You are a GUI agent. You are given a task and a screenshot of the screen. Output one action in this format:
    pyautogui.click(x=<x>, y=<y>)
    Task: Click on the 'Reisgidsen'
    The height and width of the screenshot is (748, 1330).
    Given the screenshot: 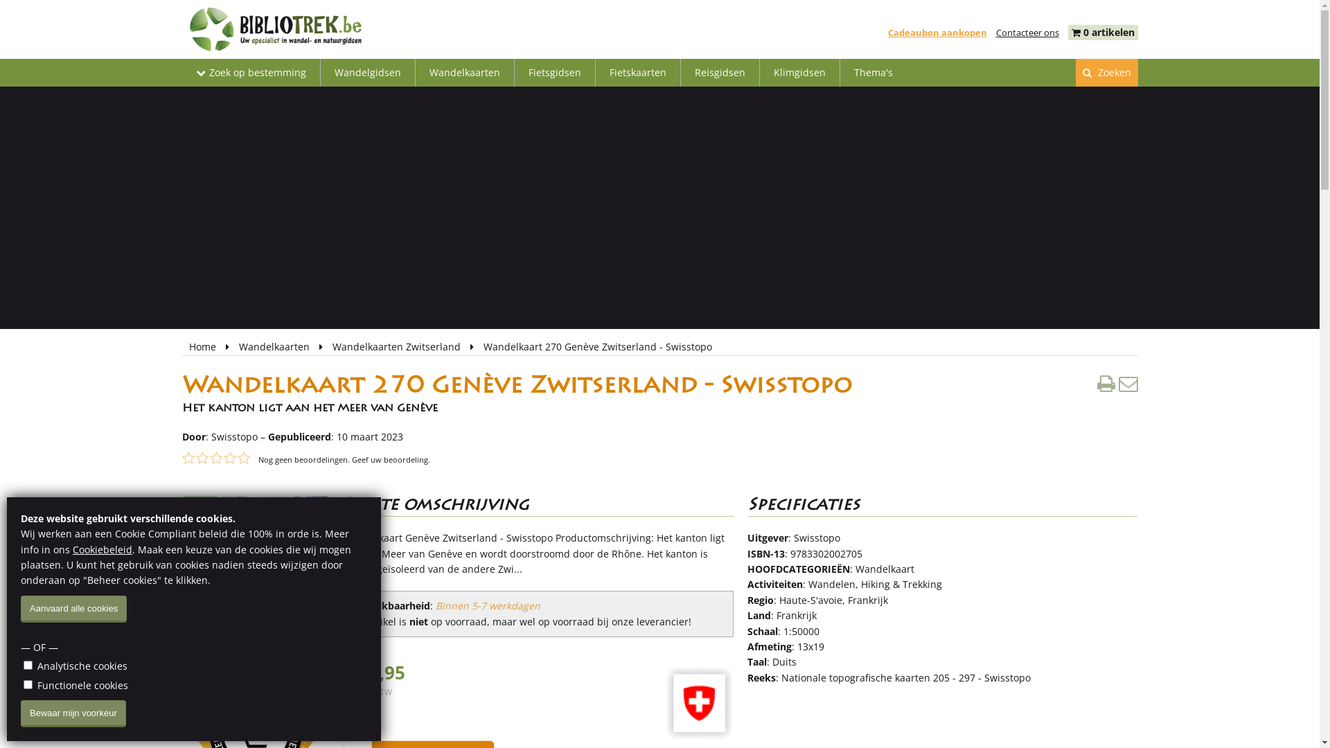 What is the action you would take?
    pyautogui.click(x=719, y=72)
    